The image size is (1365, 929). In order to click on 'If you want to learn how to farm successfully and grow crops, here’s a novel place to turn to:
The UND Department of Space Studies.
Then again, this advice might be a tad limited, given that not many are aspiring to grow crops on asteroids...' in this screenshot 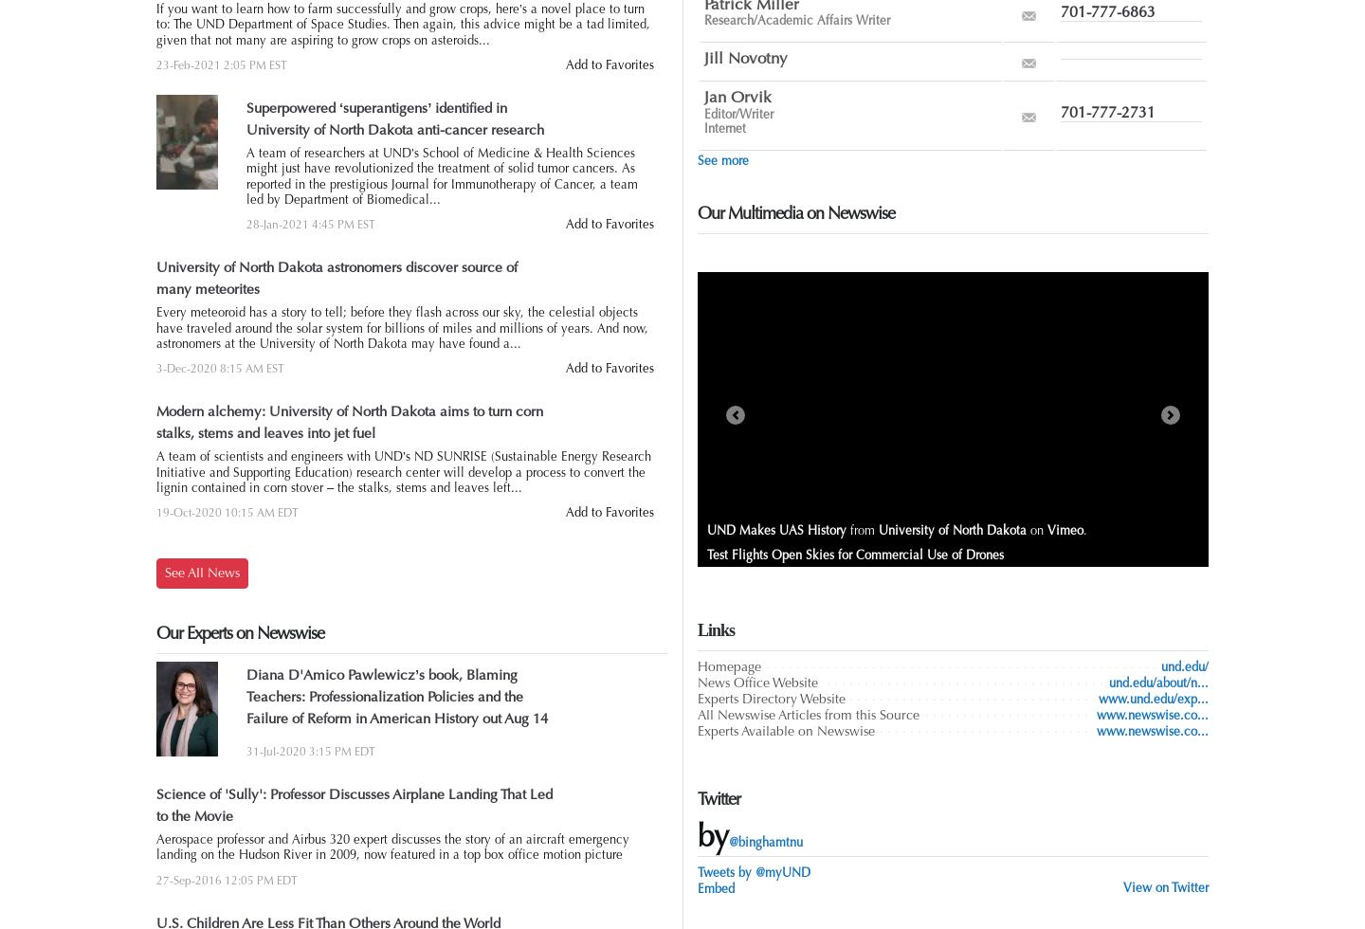, I will do `click(403, 24)`.